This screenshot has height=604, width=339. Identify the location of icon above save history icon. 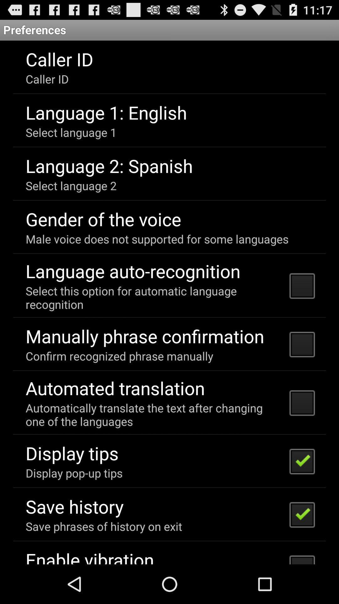
(74, 473).